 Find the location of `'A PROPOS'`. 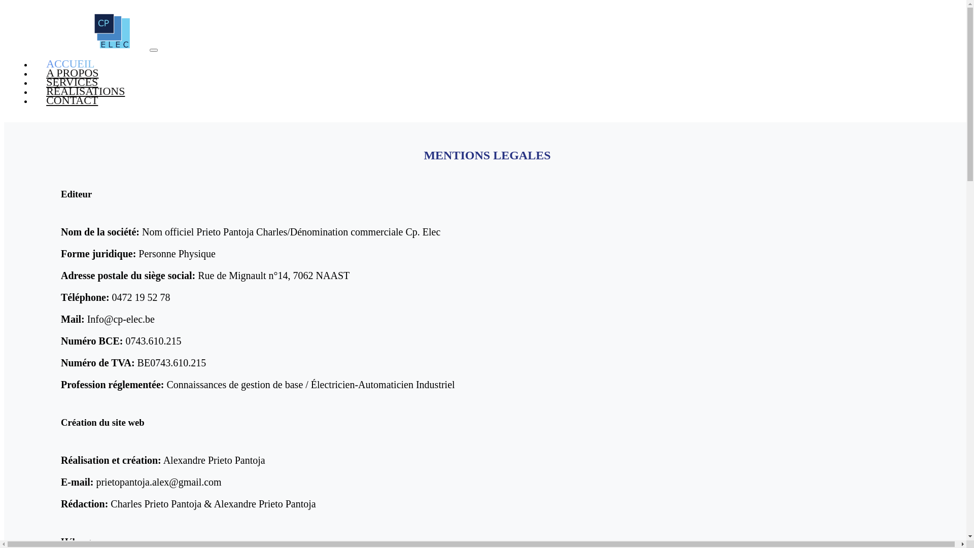

'A PROPOS' is located at coordinates (32, 72).